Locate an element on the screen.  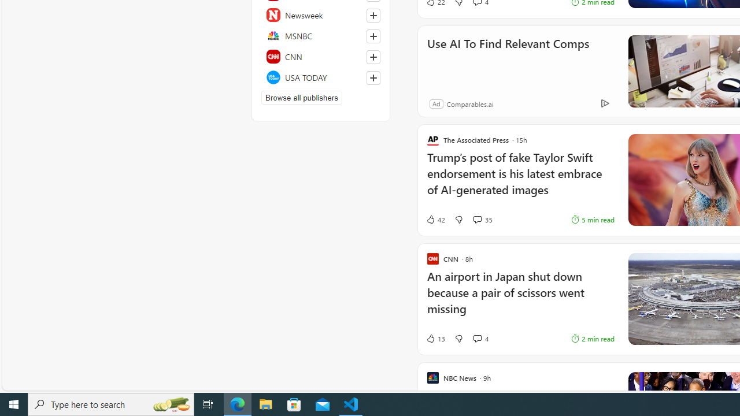
'Comparables.ai' is located at coordinates (469, 103).